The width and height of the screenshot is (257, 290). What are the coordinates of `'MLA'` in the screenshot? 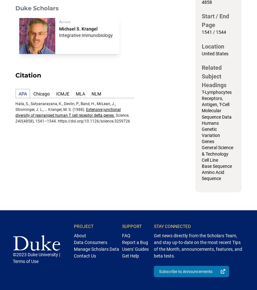 It's located at (75, 94).